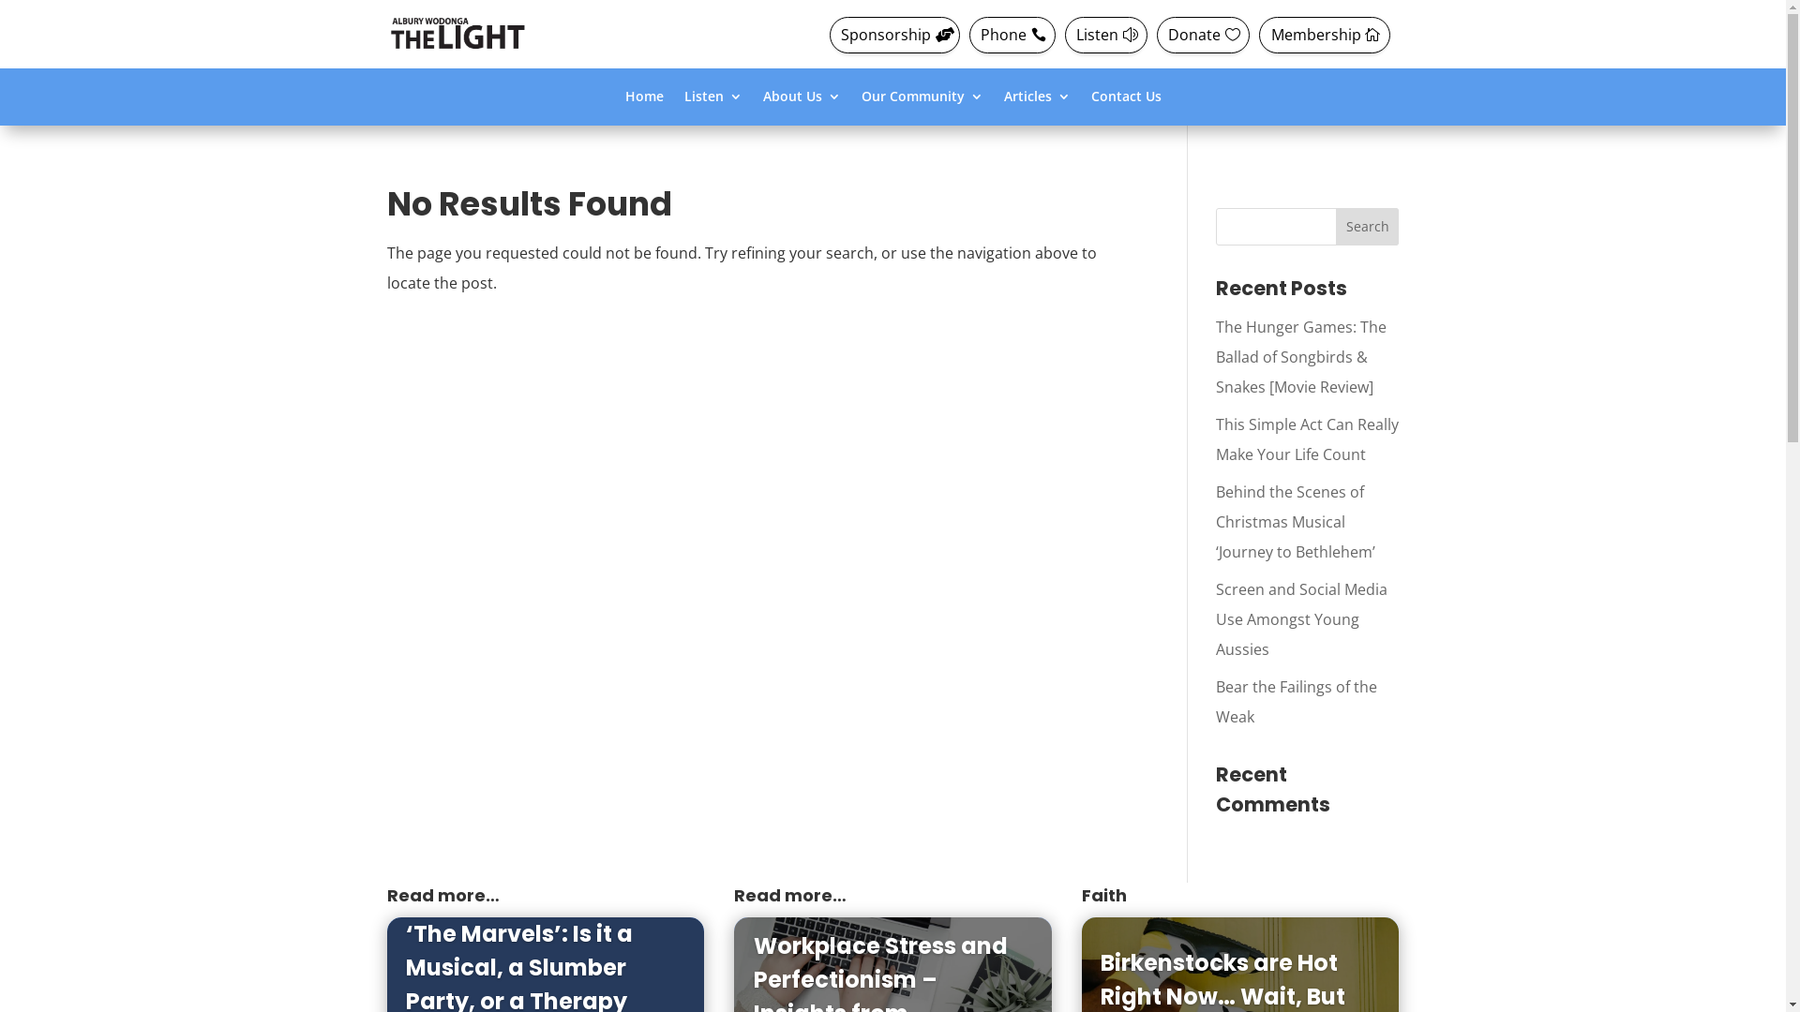 The image size is (1800, 1012). What do you see at coordinates (893, 35) in the screenshot?
I see `'Sponsorship'` at bounding box center [893, 35].